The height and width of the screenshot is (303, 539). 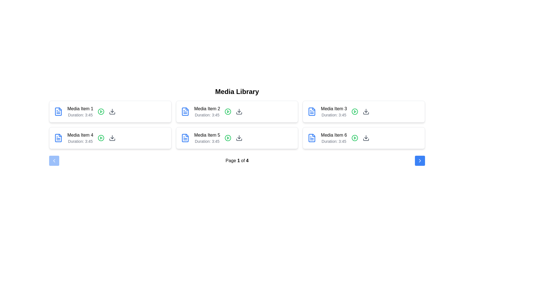 I want to click on the icon located at the top-left corner of the media item card, which serves as a visual representation of the document, so click(x=185, y=138).